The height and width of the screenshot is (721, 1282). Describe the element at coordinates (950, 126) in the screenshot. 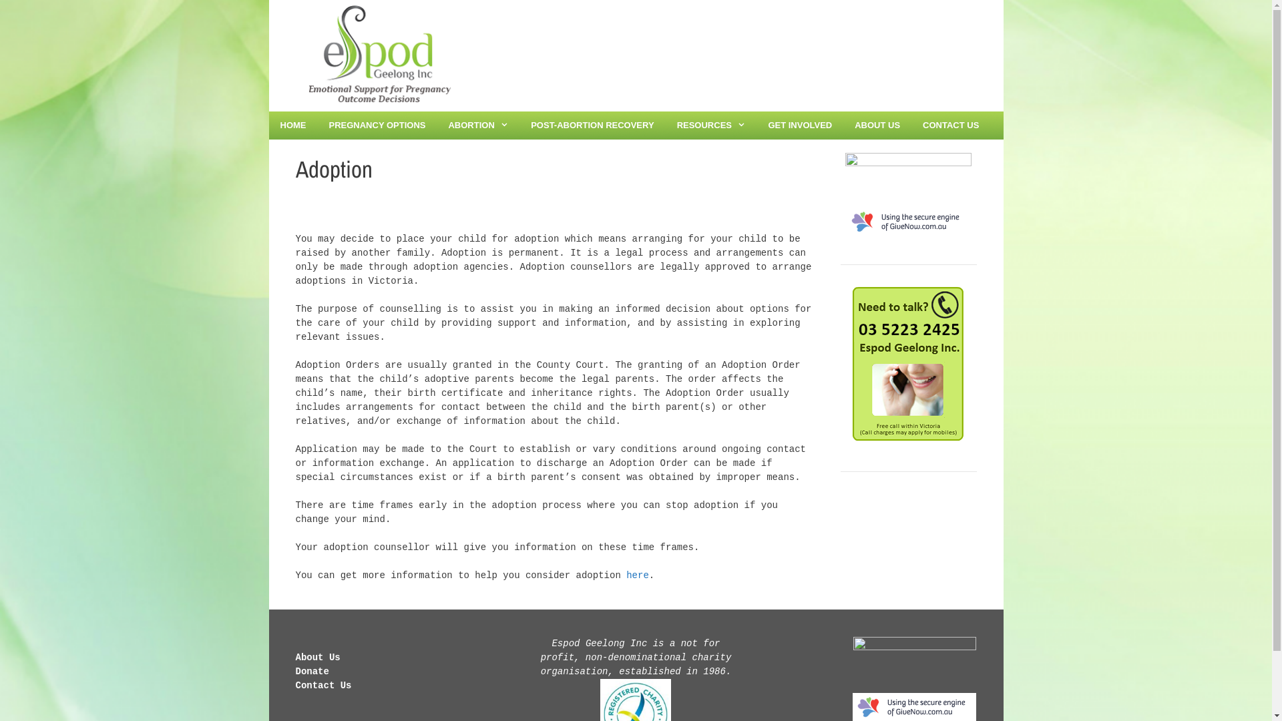

I see `'CONTACT US'` at that location.